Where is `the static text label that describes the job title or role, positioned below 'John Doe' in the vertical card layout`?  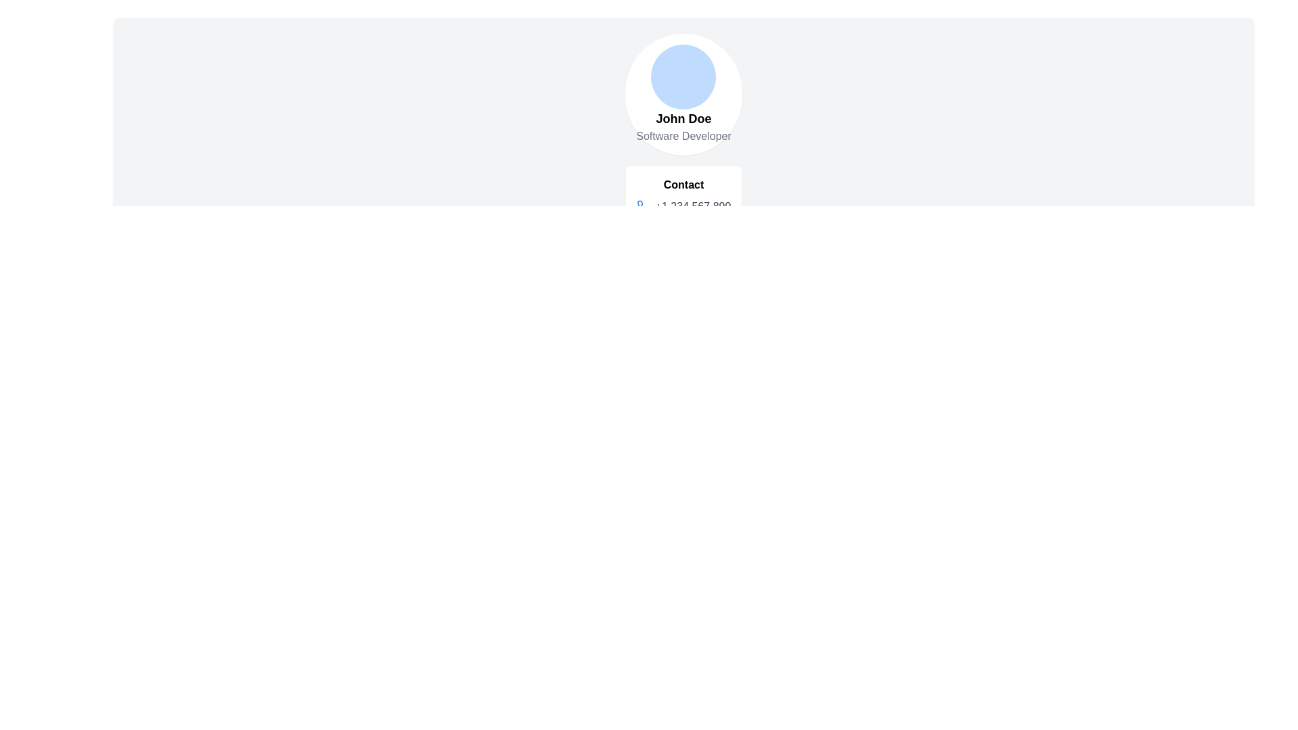
the static text label that describes the job title or role, positioned below 'John Doe' in the vertical card layout is located at coordinates (683, 136).